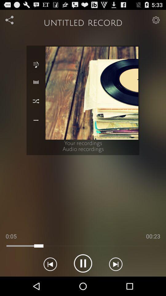  I want to click on pause button, so click(83, 263).